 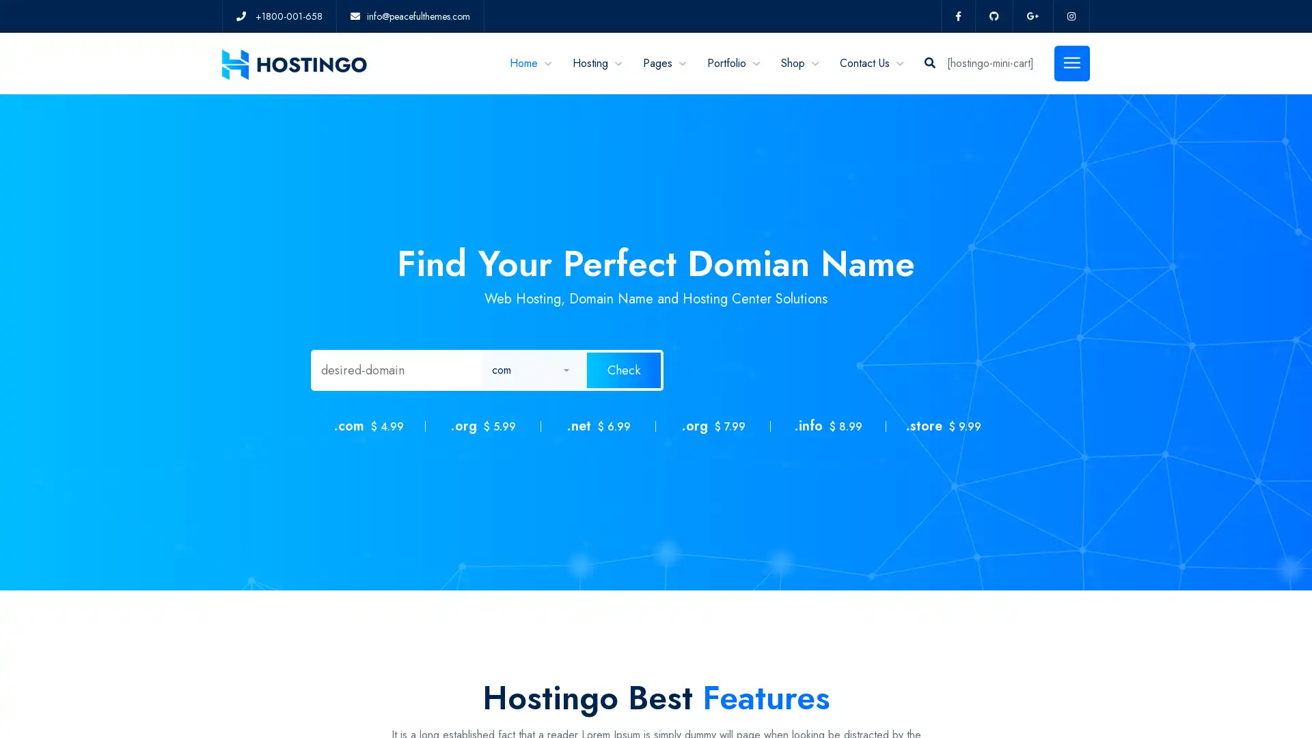 I want to click on check, so click(x=623, y=370).